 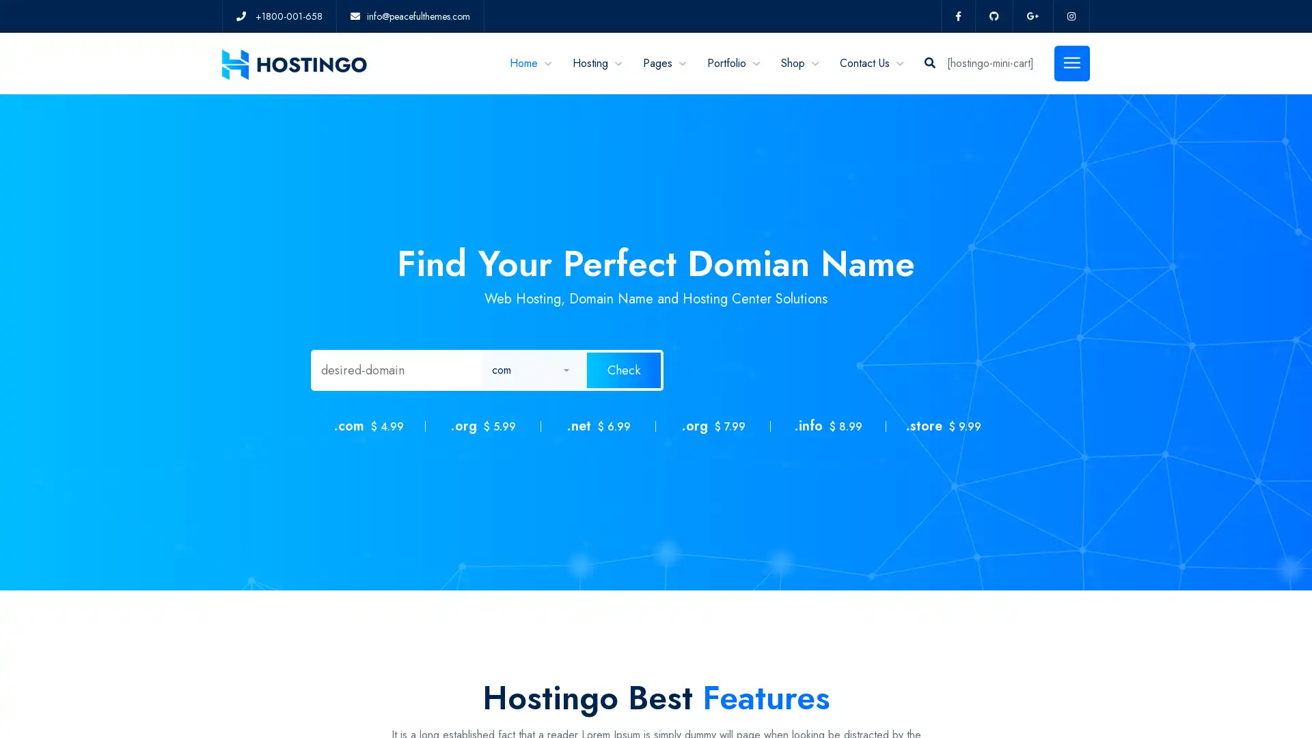 I want to click on check, so click(x=623, y=370).